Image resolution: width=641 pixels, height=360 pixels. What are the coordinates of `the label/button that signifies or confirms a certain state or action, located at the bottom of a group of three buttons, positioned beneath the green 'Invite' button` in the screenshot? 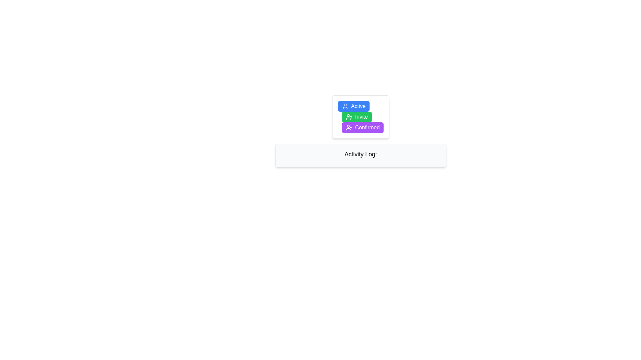 It's located at (367, 127).